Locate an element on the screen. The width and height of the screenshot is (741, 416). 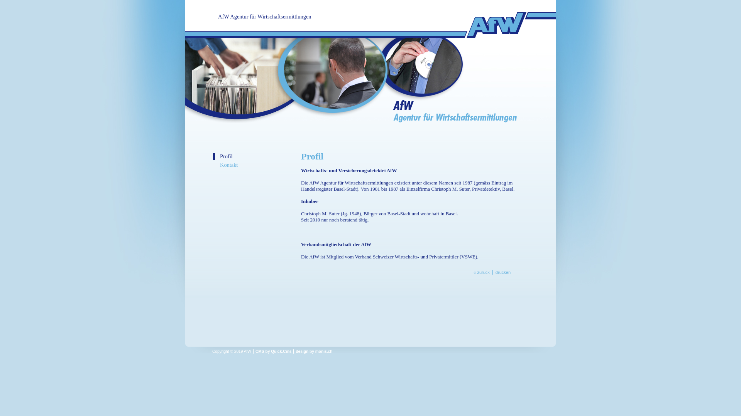
'Profil' is located at coordinates (255, 156).